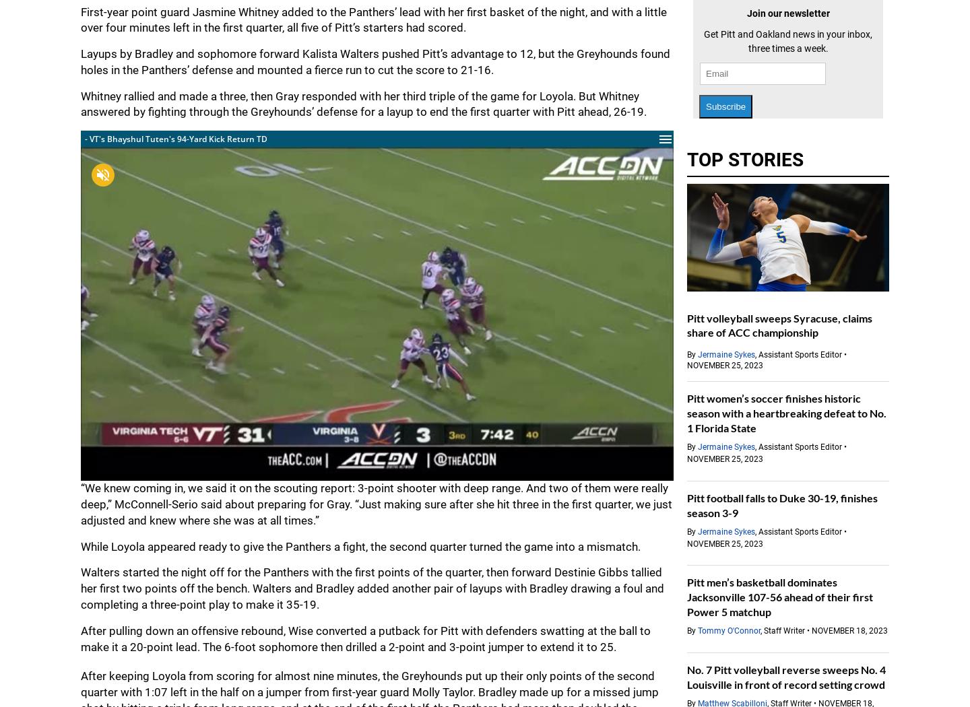 This screenshot has height=707, width=970. Describe the element at coordinates (782, 504) in the screenshot. I see `'Pitt football falls to Duke 30-19, finishes season 3-9'` at that location.